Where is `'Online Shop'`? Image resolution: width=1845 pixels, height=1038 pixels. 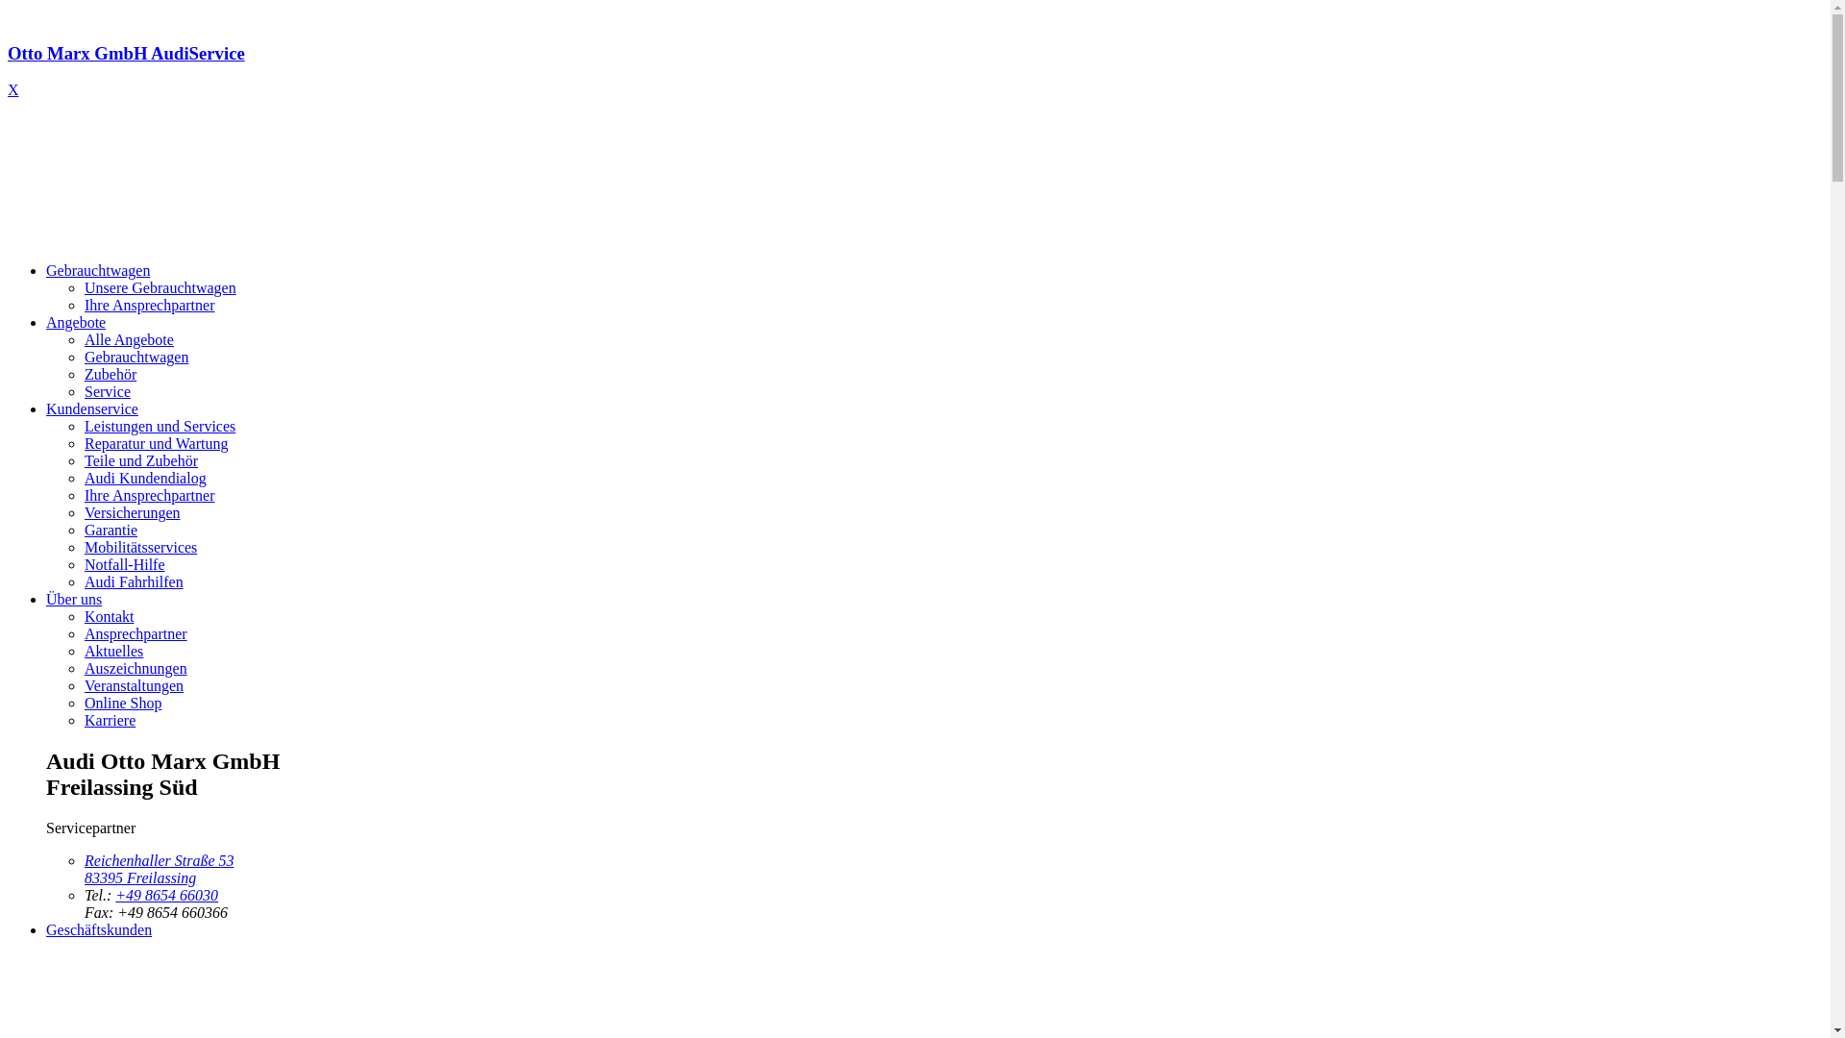 'Online Shop' is located at coordinates (122, 703).